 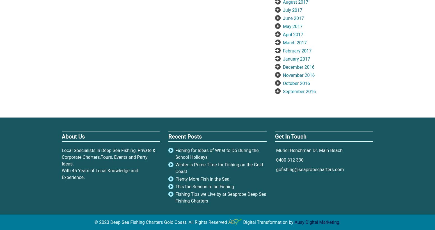 What do you see at coordinates (100, 173) in the screenshot?
I see `'With 45 Years of Local Knowledge and Experience.'` at bounding box center [100, 173].